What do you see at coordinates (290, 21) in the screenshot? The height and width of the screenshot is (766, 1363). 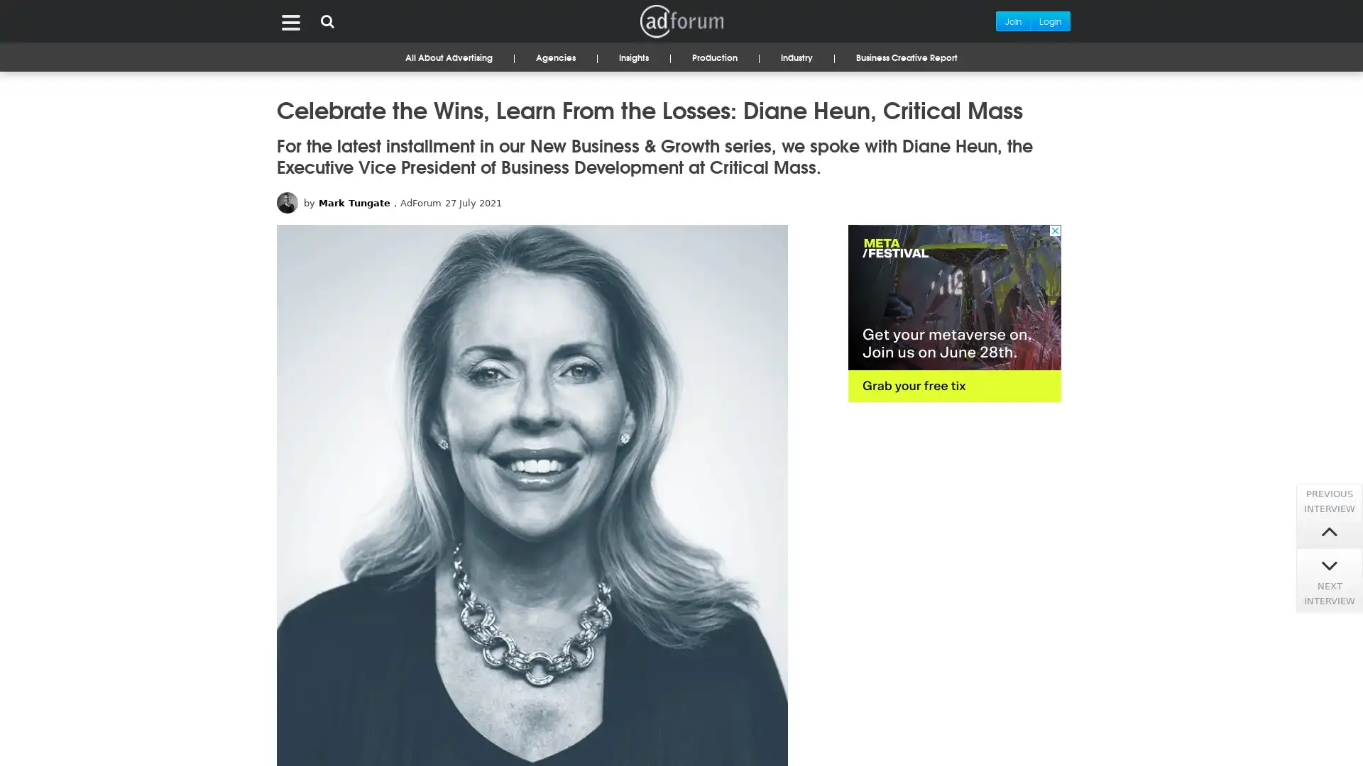 I see `Menu` at bounding box center [290, 21].